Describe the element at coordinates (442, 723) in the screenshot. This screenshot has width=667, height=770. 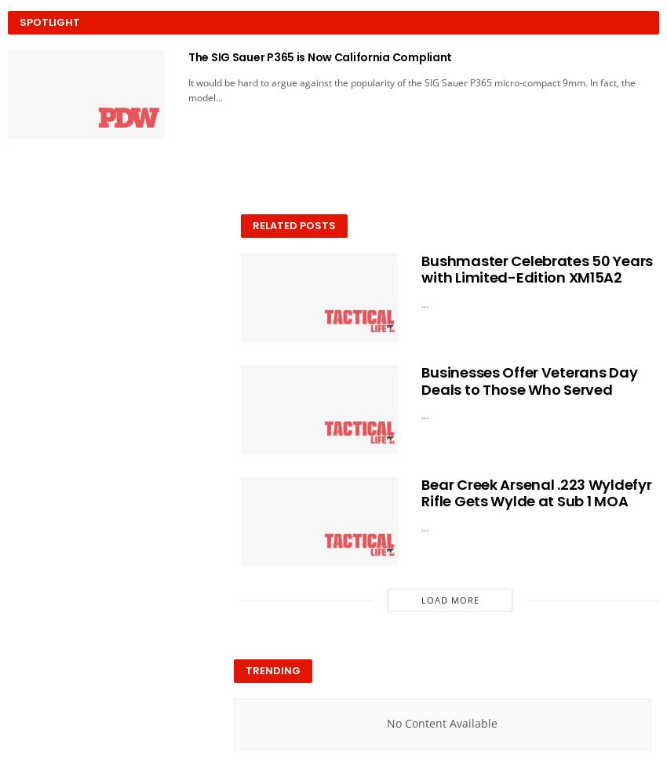
I see `'No Content Available'` at that location.